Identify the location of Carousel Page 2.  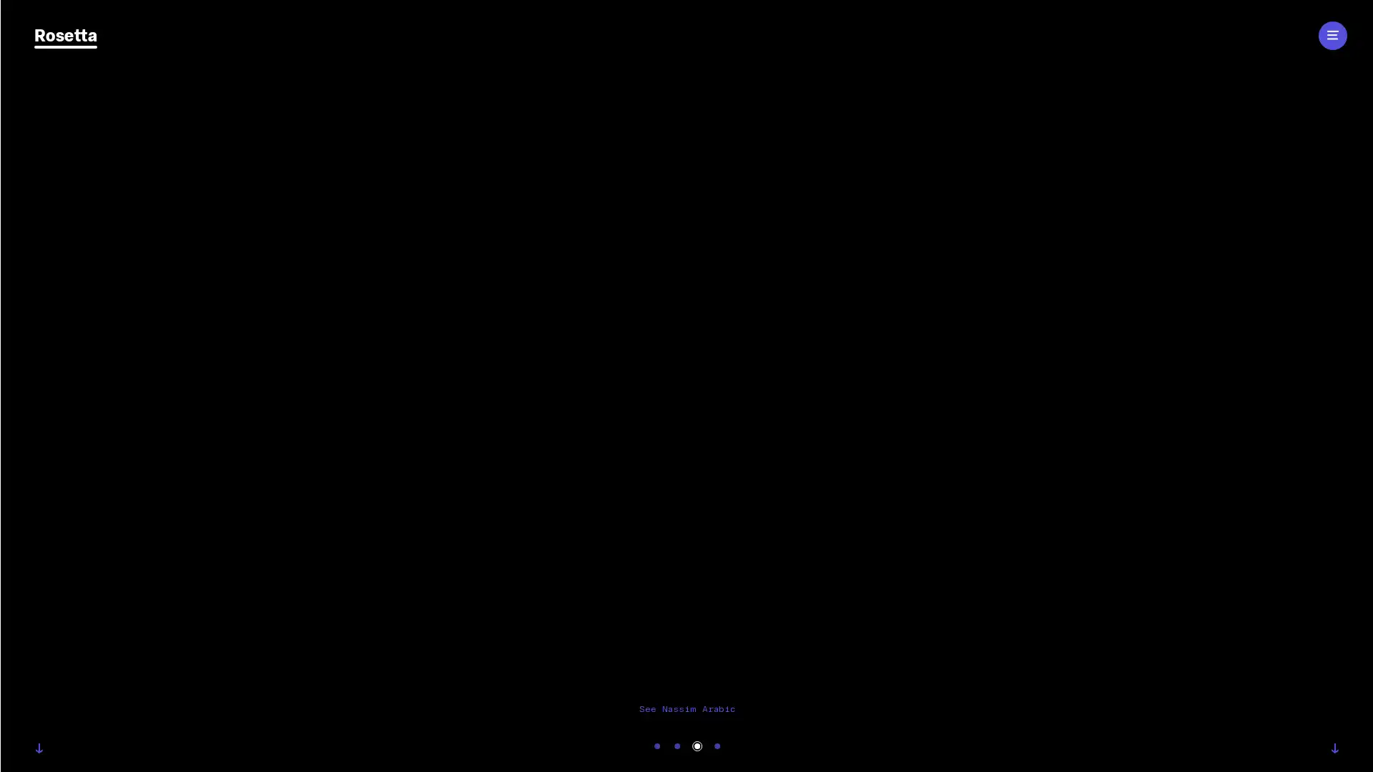
(676, 746).